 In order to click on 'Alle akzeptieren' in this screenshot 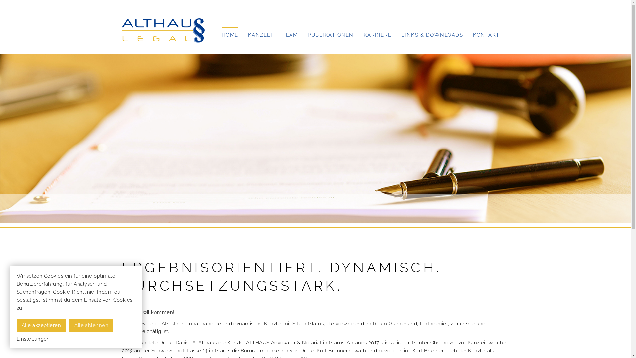, I will do `click(41, 325)`.